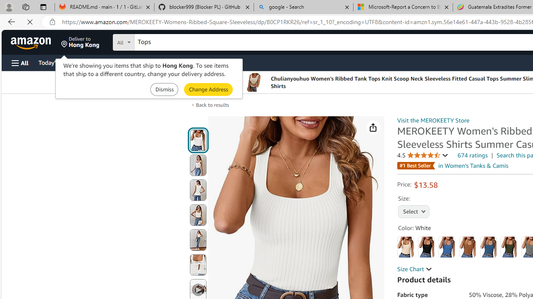 The image size is (533, 299). What do you see at coordinates (414, 269) in the screenshot?
I see `'Size Chart '` at bounding box center [414, 269].